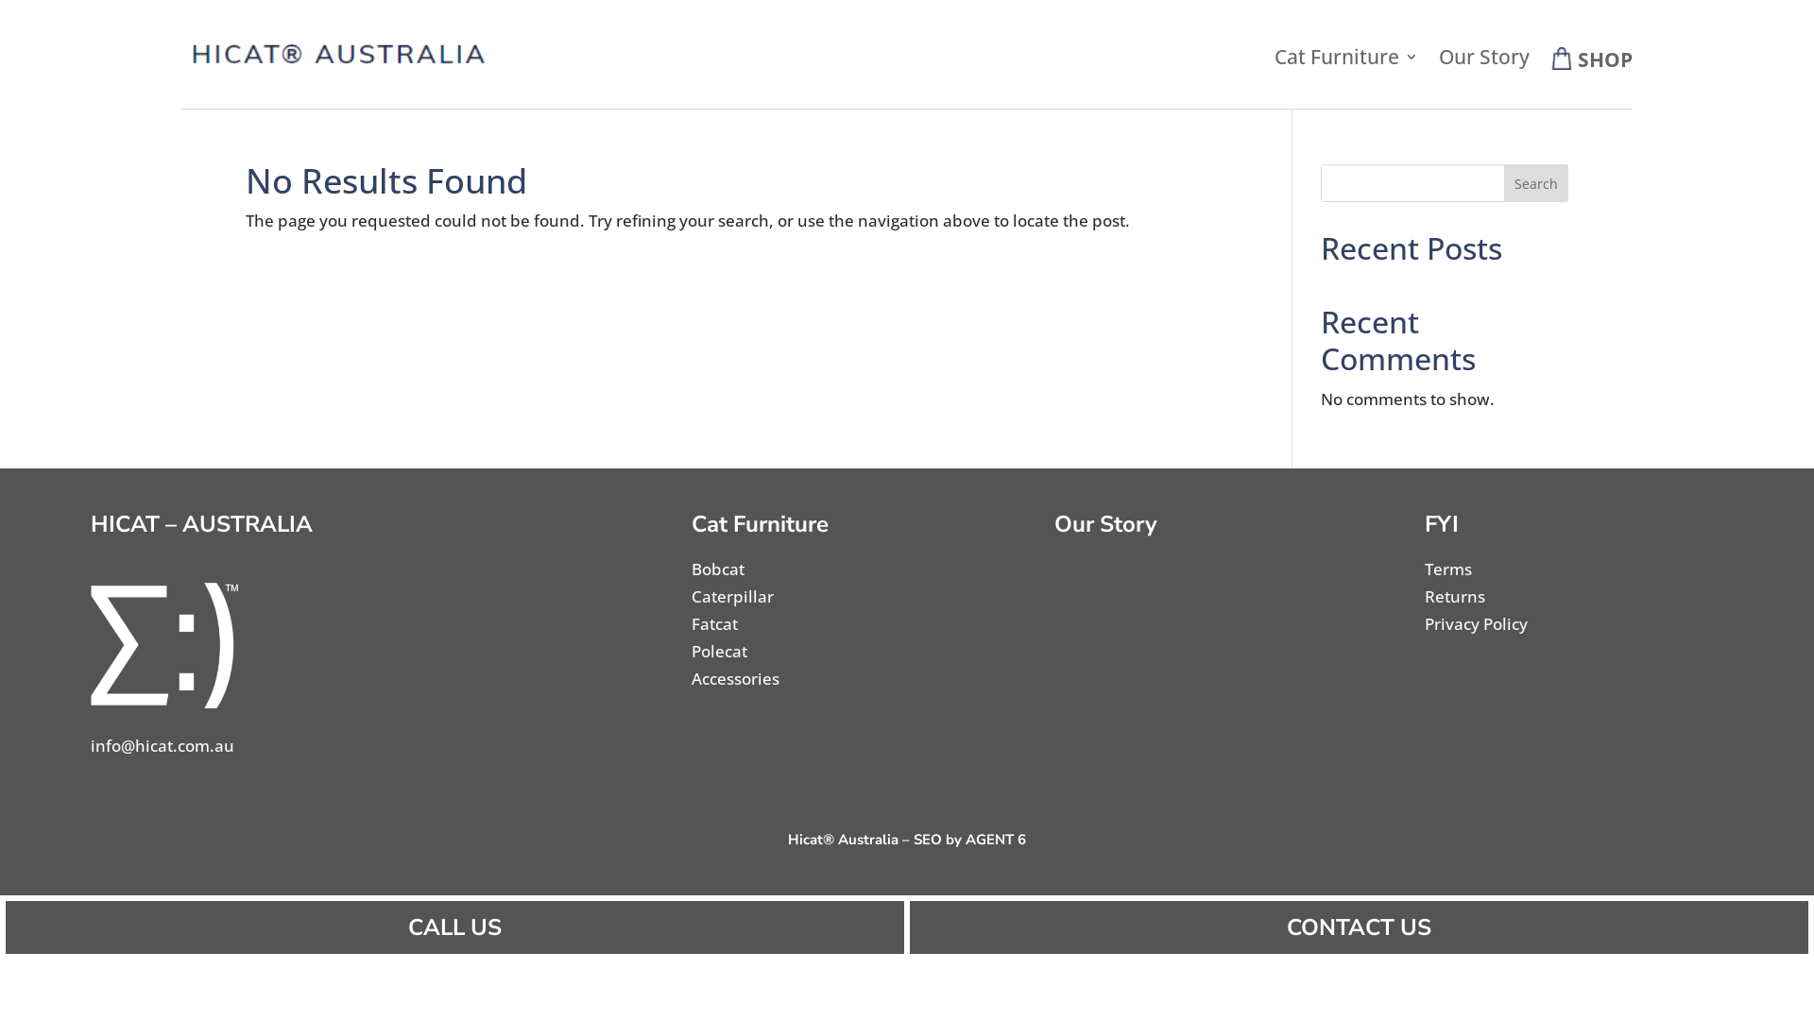 The width and height of the screenshot is (1814, 1020). I want to click on 'Returns', so click(1454, 596).